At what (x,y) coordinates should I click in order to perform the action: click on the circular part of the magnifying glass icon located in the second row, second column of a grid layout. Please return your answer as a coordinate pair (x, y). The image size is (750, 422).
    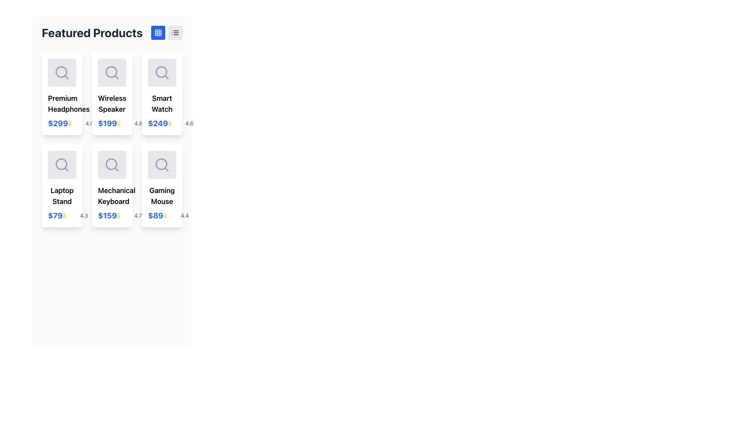
    Looking at the image, I should click on (111, 164).